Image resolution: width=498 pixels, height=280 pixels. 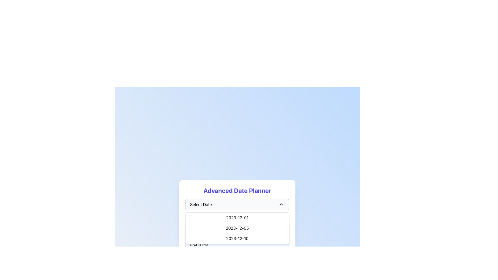 What do you see at coordinates (237, 239) in the screenshot?
I see `the List Item displaying the date '2023-12-10' in the dropdown menu under 'Advanced Date Planner'` at bounding box center [237, 239].